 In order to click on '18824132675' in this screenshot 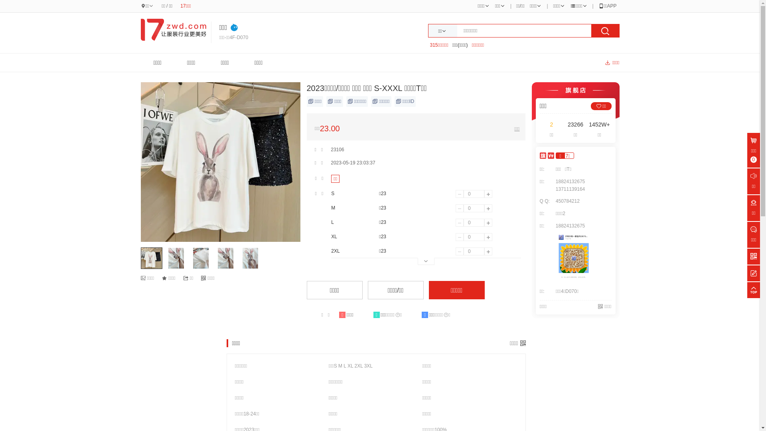, I will do `click(570, 182)`.